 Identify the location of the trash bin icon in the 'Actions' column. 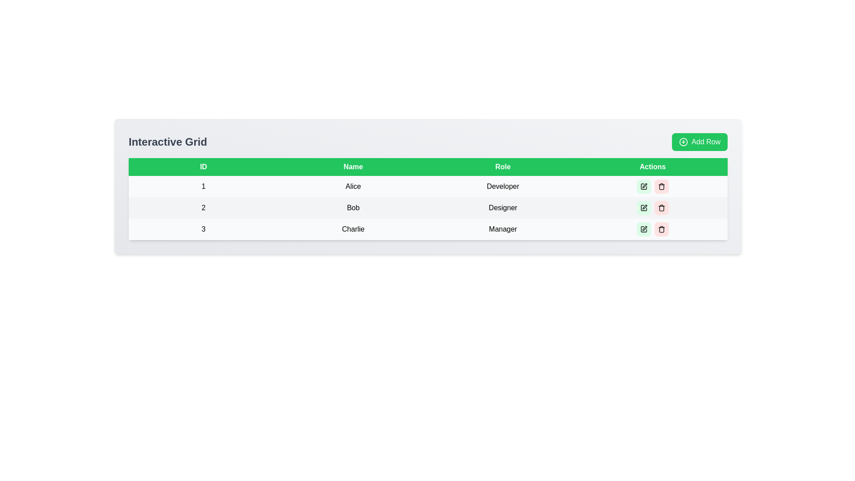
(661, 186).